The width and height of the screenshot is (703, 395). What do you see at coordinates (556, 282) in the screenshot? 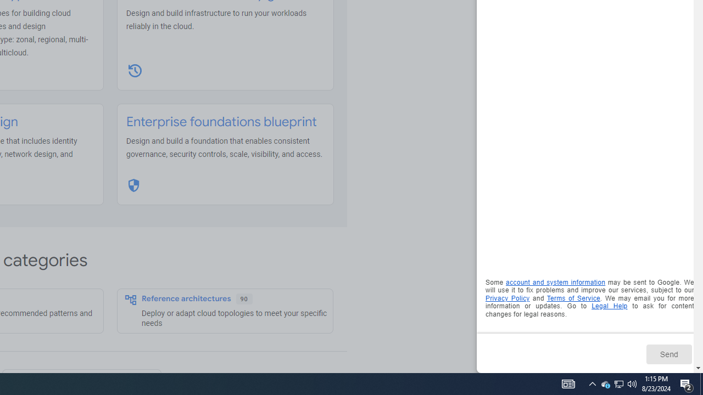
I see `'account and system information'` at bounding box center [556, 282].